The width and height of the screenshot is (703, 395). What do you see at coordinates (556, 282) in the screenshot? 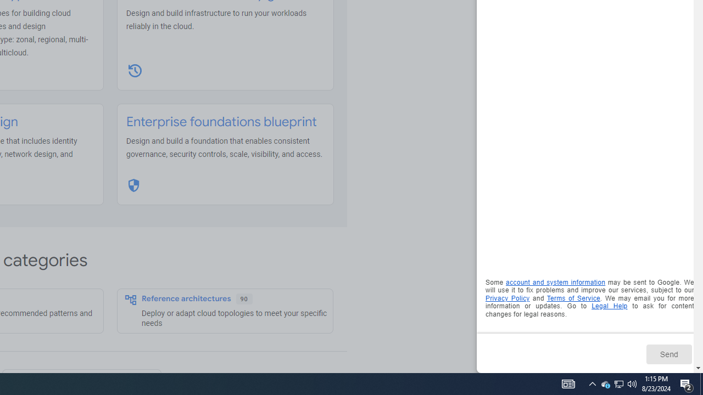
I see `'account and system information'` at bounding box center [556, 282].